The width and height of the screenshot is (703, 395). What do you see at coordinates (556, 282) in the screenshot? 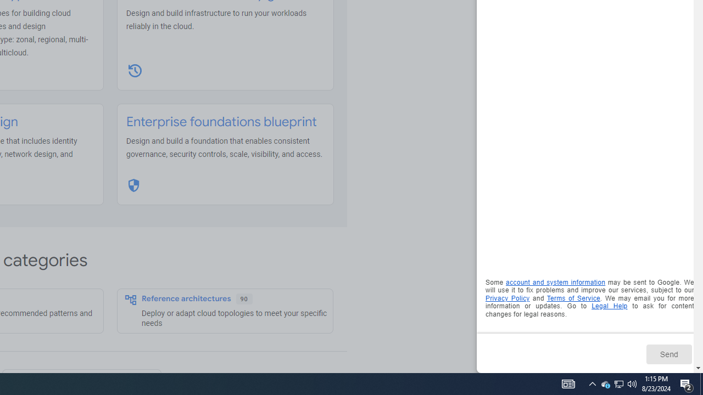
I see `'account and system information'` at bounding box center [556, 282].